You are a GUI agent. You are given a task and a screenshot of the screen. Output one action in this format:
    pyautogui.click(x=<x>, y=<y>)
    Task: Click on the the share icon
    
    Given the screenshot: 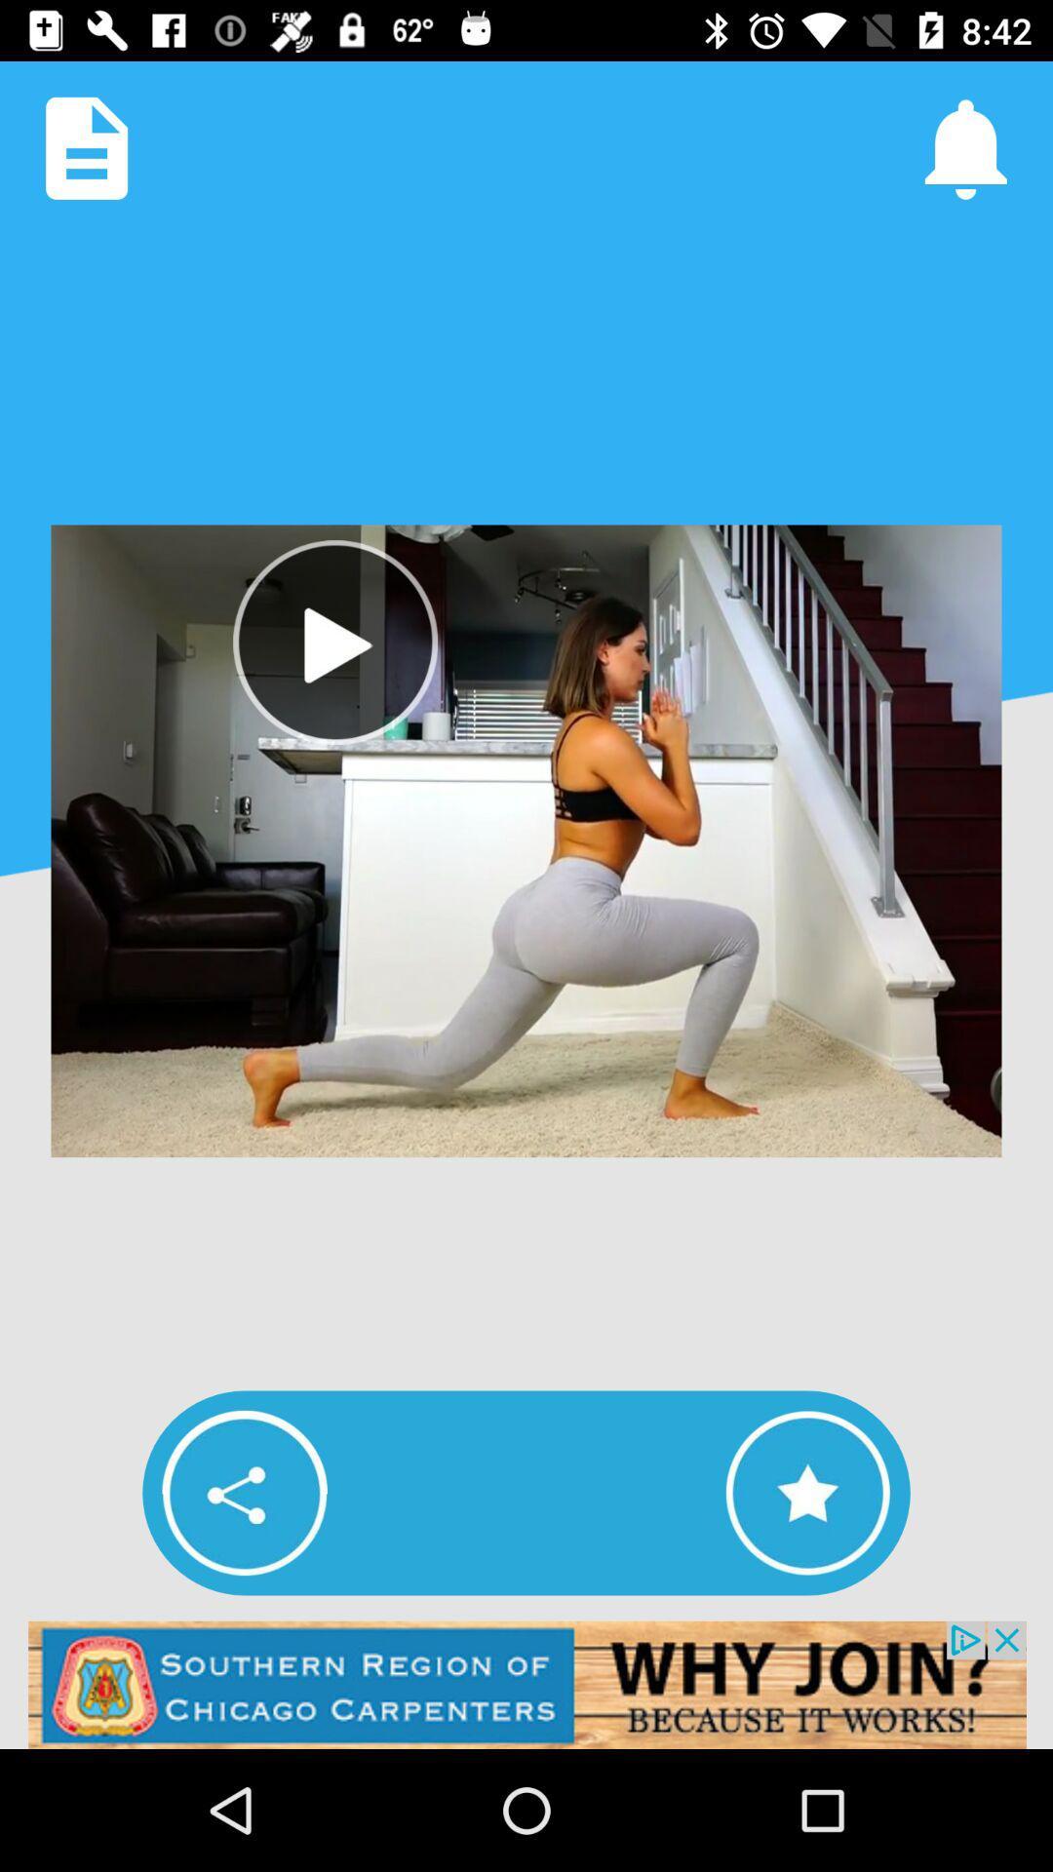 What is the action you would take?
    pyautogui.click(x=244, y=1492)
    